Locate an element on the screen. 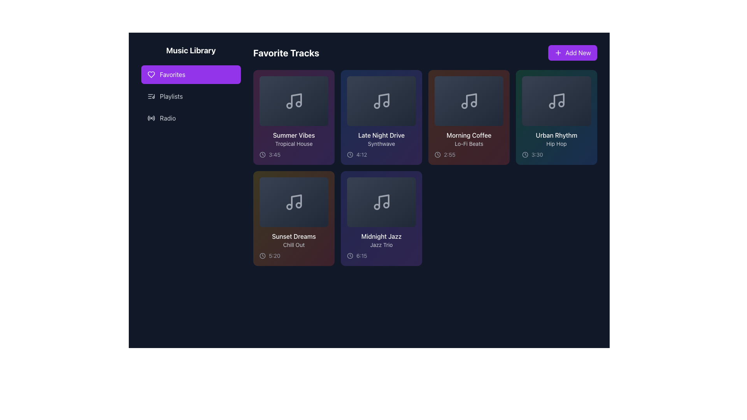 This screenshot has width=747, height=420. the circular graphical shape located in the top-right corner of the 'Summer Vibes' track card, which is part of a grouped circular play icon is located at coordinates (323, 81).